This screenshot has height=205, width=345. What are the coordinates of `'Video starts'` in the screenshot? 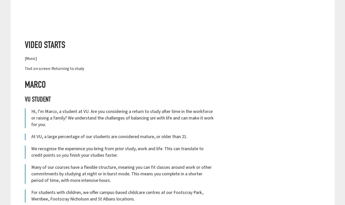 It's located at (44, 46).